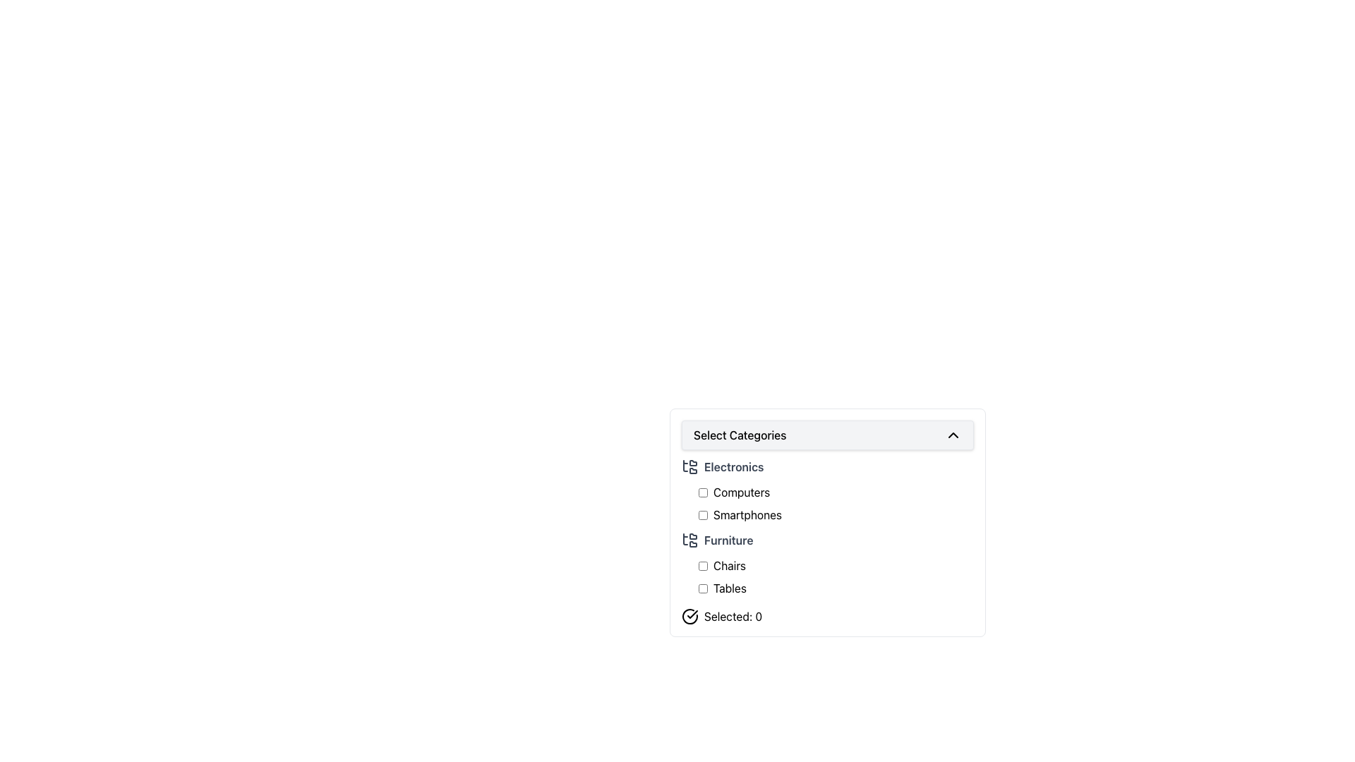  What do you see at coordinates (703, 492) in the screenshot?
I see `the checkbox` at bounding box center [703, 492].